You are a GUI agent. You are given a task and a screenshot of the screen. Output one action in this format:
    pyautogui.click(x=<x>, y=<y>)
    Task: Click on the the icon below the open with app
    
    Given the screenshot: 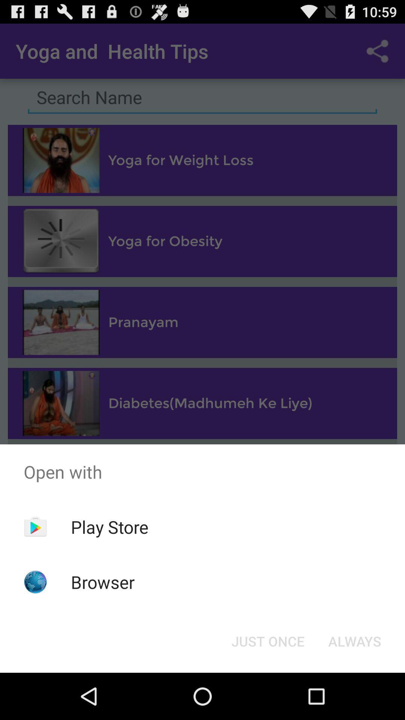 What is the action you would take?
    pyautogui.click(x=109, y=526)
    